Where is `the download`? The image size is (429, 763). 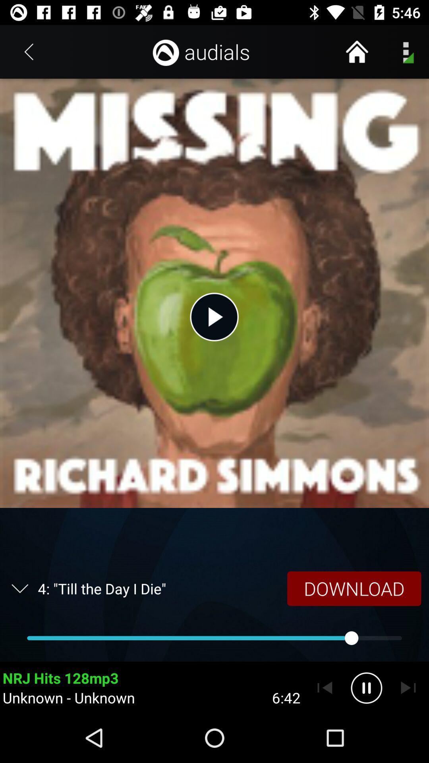
the download is located at coordinates (354, 589).